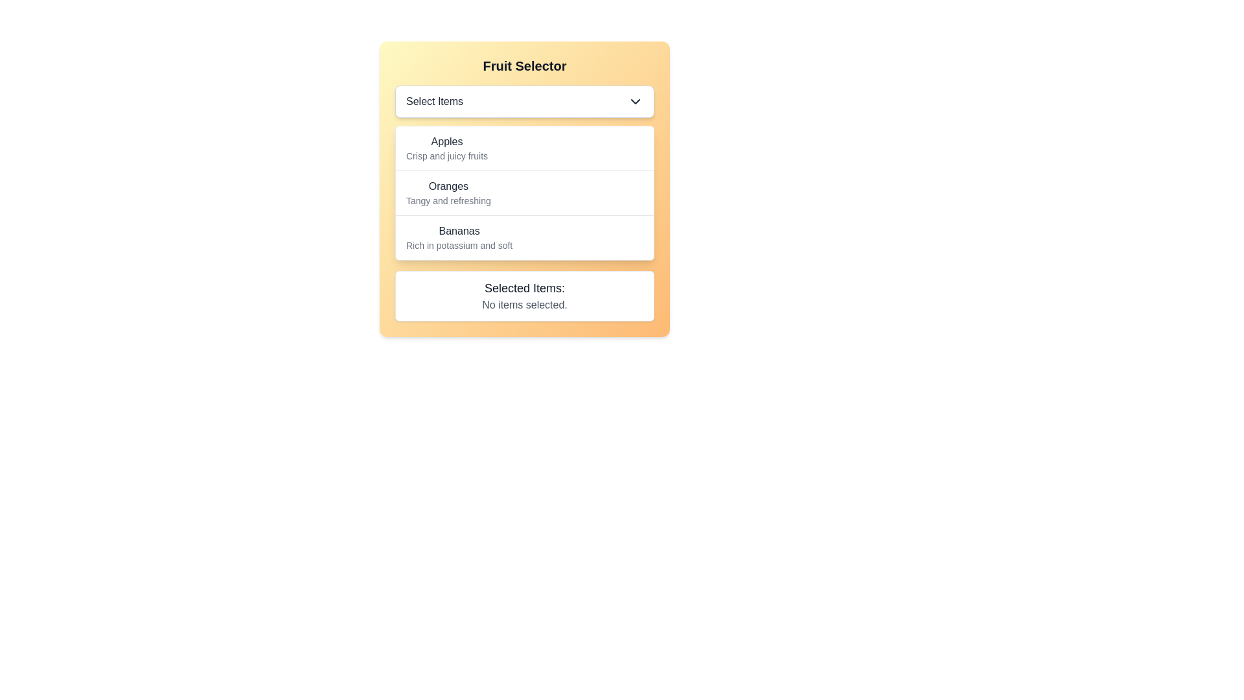 The width and height of the screenshot is (1244, 700). Describe the element at coordinates (459, 245) in the screenshot. I see `the descriptive text label displaying 'Rich in potassium and soft', which is located beneath the 'Bananas' header in the fruit selector dropdown` at that location.